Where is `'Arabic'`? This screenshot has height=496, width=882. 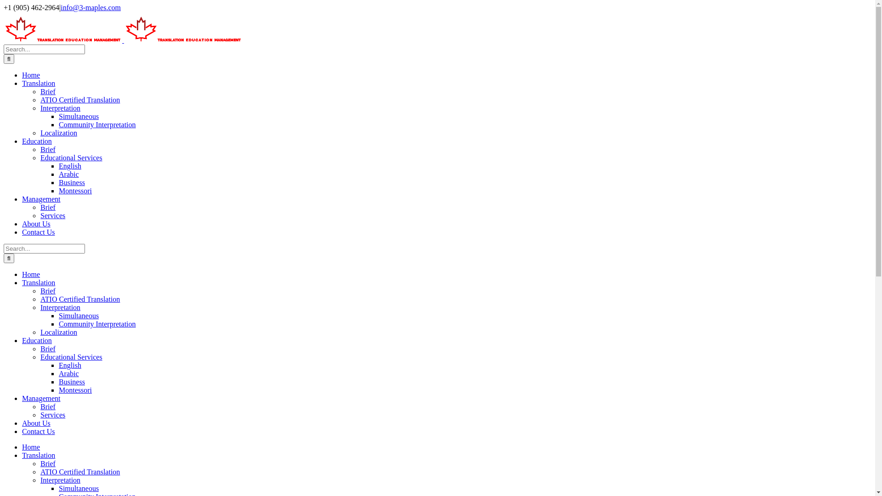
'Arabic' is located at coordinates (68, 373).